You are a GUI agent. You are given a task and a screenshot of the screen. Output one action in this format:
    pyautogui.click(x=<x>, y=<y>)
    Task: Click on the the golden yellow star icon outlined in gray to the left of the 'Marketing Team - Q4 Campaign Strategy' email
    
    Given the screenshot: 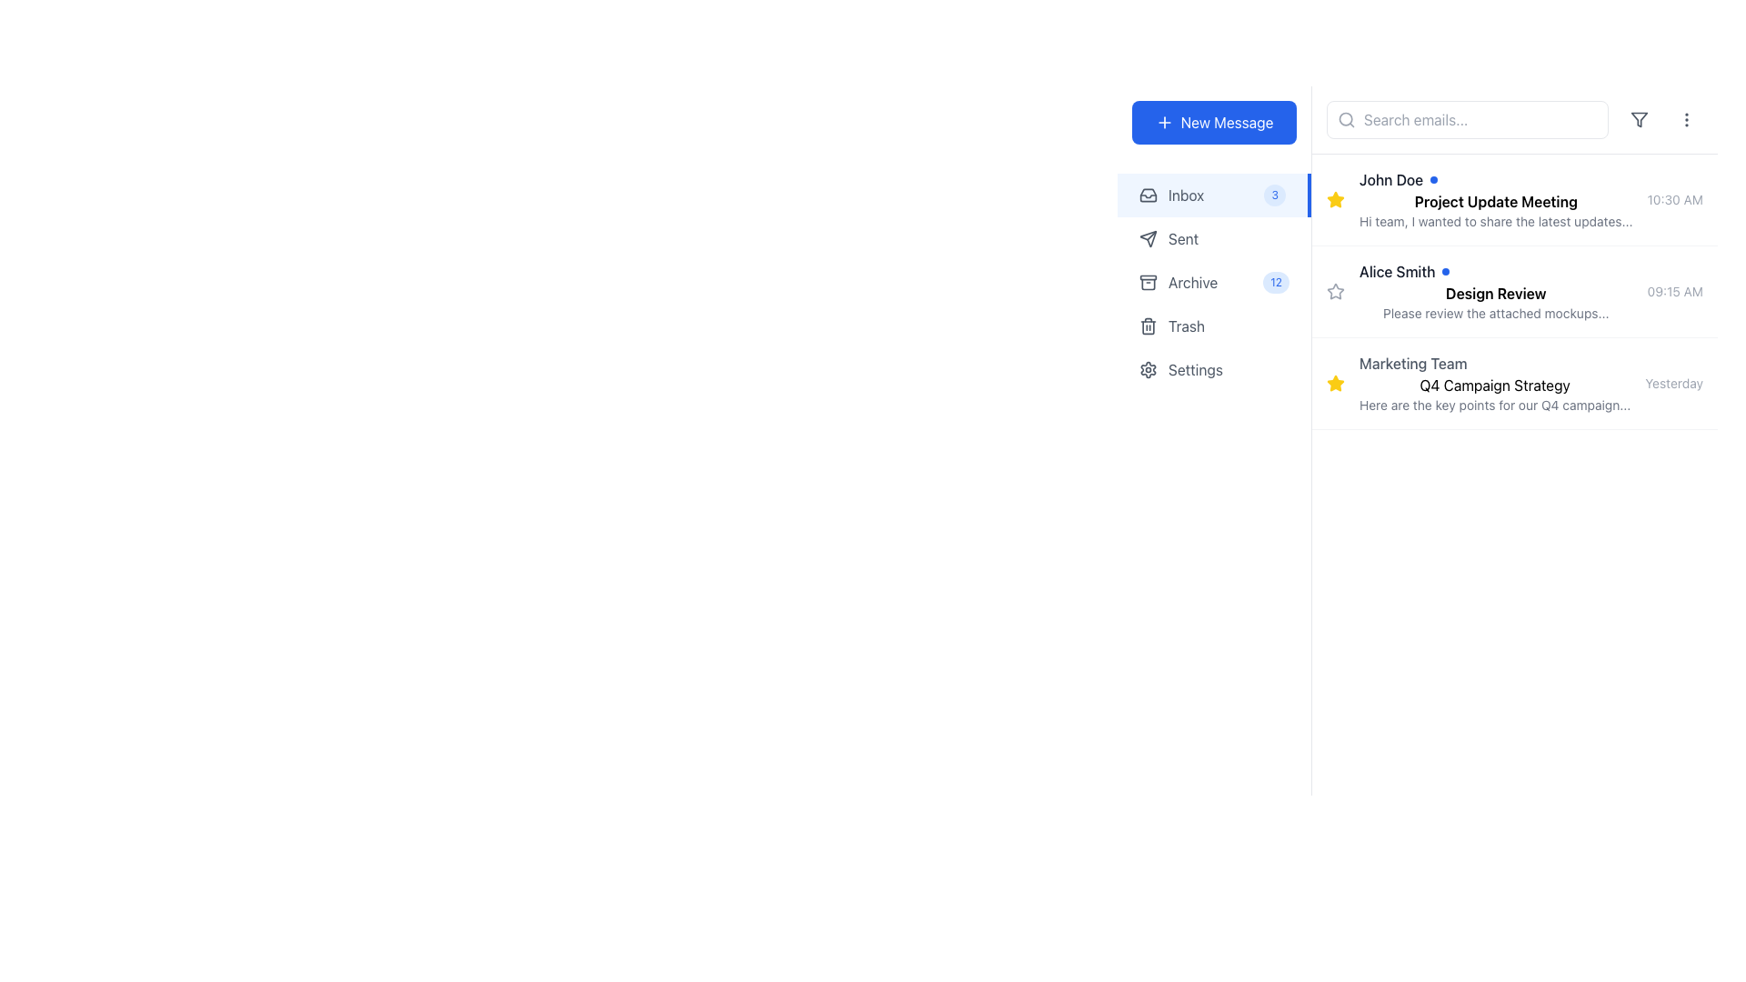 What is the action you would take?
    pyautogui.click(x=1335, y=290)
    